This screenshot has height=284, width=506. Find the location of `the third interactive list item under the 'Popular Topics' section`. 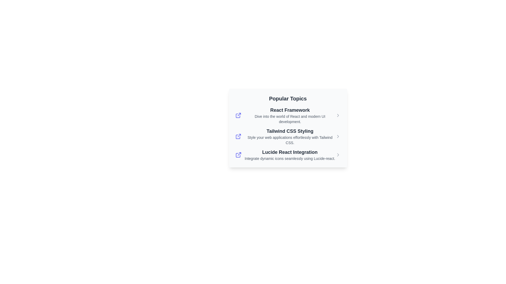

the third interactive list item under the 'Popular Topics' section is located at coordinates (288, 155).